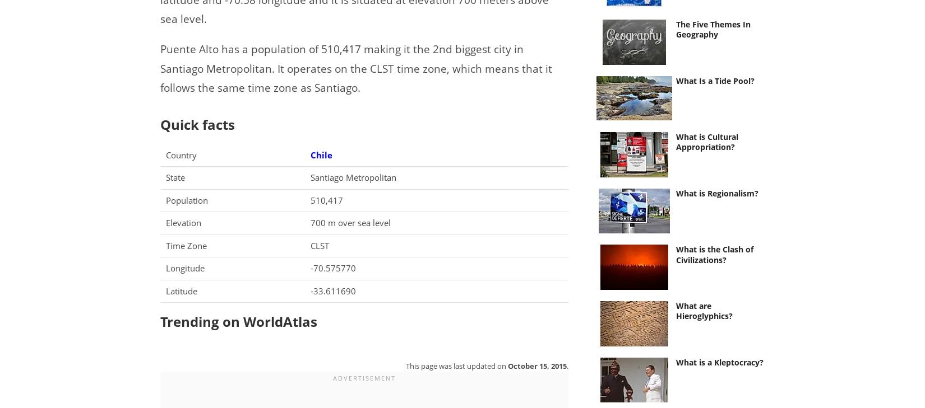  Describe the element at coordinates (166, 199) in the screenshot. I see `'Population'` at that location.